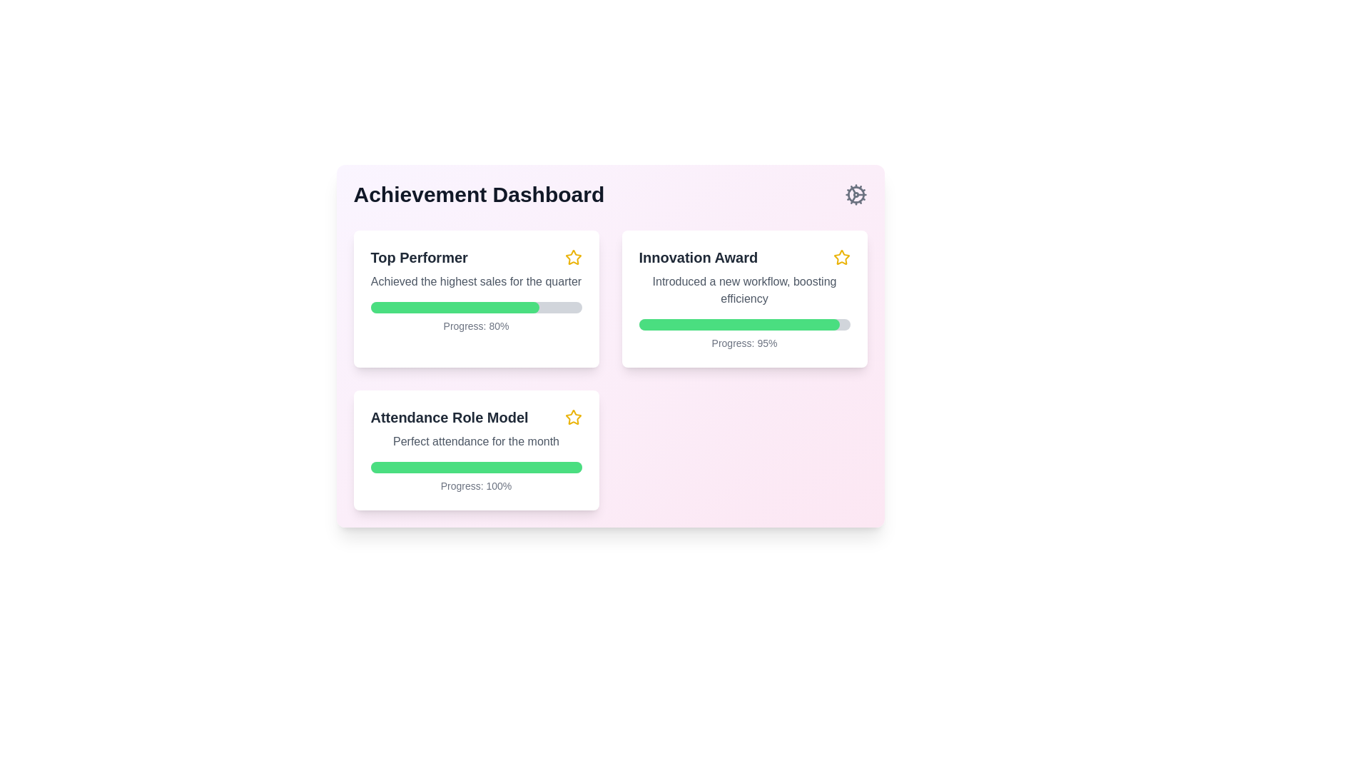 The image size is (1370, 771). Describe the element at coordinates (449, 418) in the screenshot. I see `text label displaying 'Attendance Role Model' in the top-left section of the card under the 'Achievement Dashboard.'` at that location.